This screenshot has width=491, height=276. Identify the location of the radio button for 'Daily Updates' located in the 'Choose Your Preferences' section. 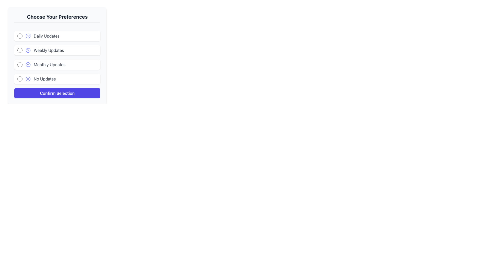
(57, 36).